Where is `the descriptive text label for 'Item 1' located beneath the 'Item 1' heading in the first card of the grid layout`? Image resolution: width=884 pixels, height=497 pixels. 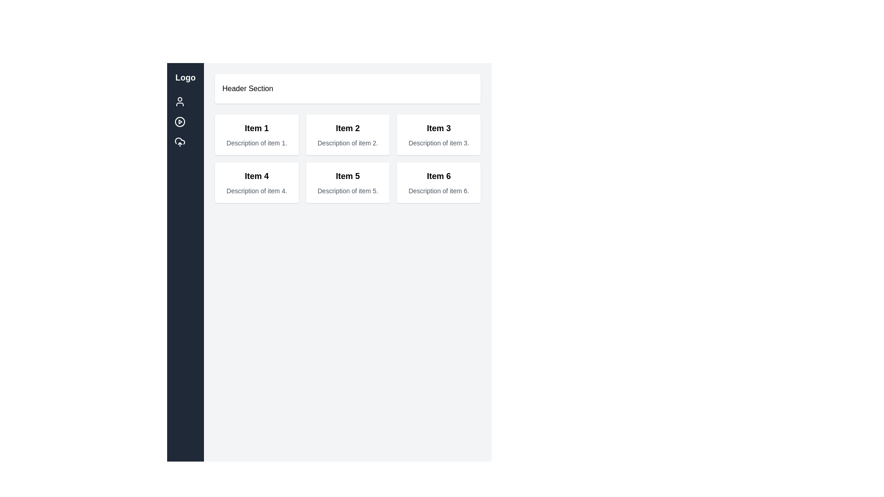 the descriptive text label for 'Item 1' located beneath the 'Item 1' heading in the first card of the grid layout is located at coordinates (256, 143).